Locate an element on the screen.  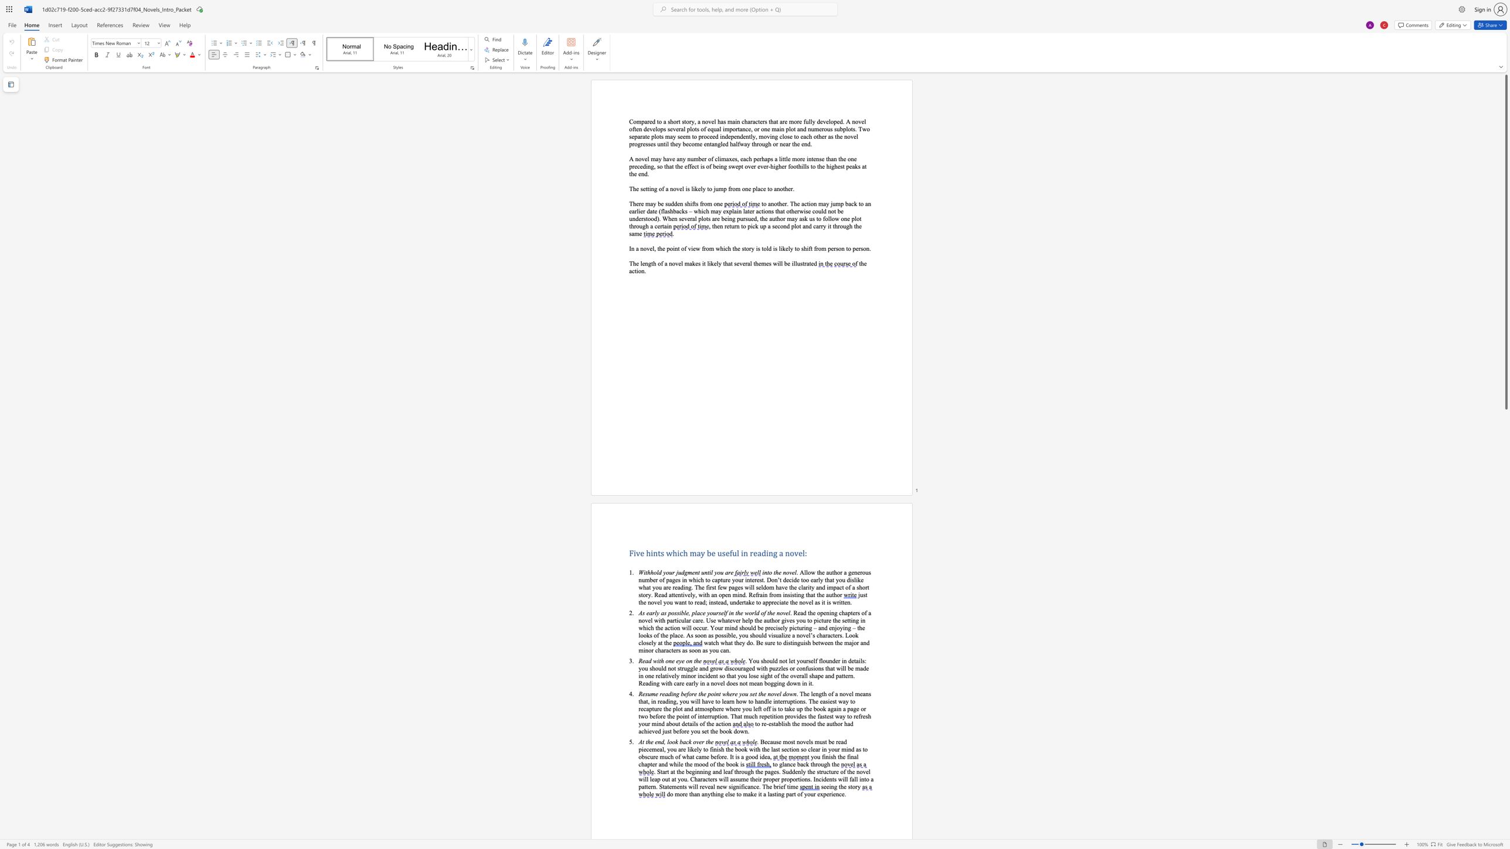
the space between the continuous character "a" and "p" in the text is located at coordinates (647, 763).